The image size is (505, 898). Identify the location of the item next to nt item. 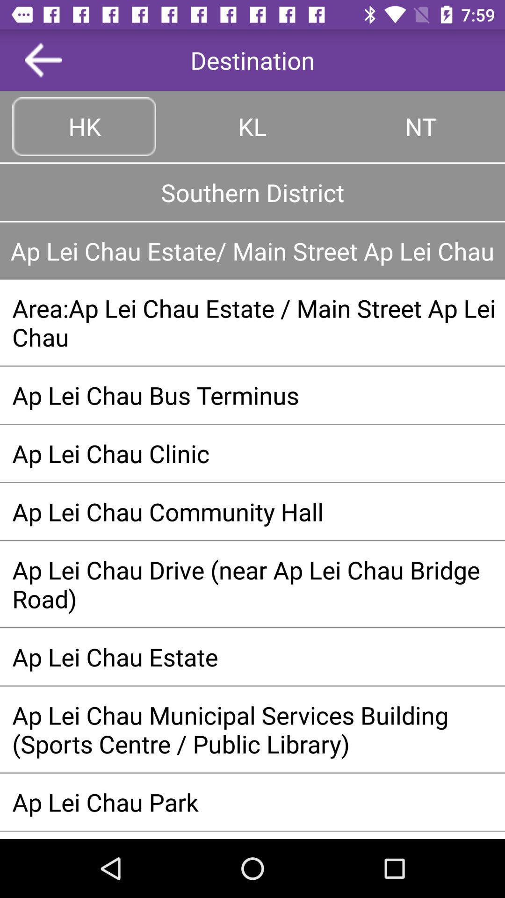
(252, 126).